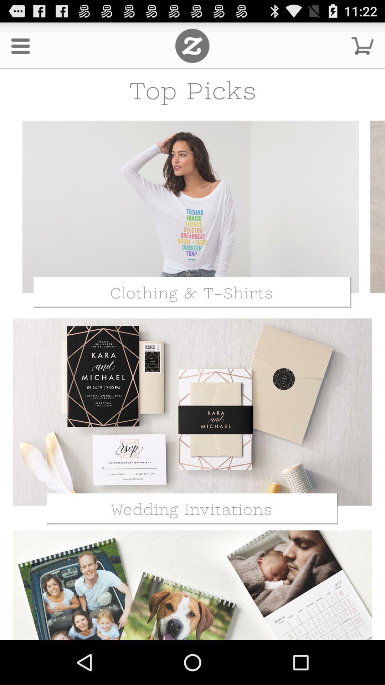 The width and height of the screenshot is (385, 685). I want to click on the cart icon, so click(363, 49).